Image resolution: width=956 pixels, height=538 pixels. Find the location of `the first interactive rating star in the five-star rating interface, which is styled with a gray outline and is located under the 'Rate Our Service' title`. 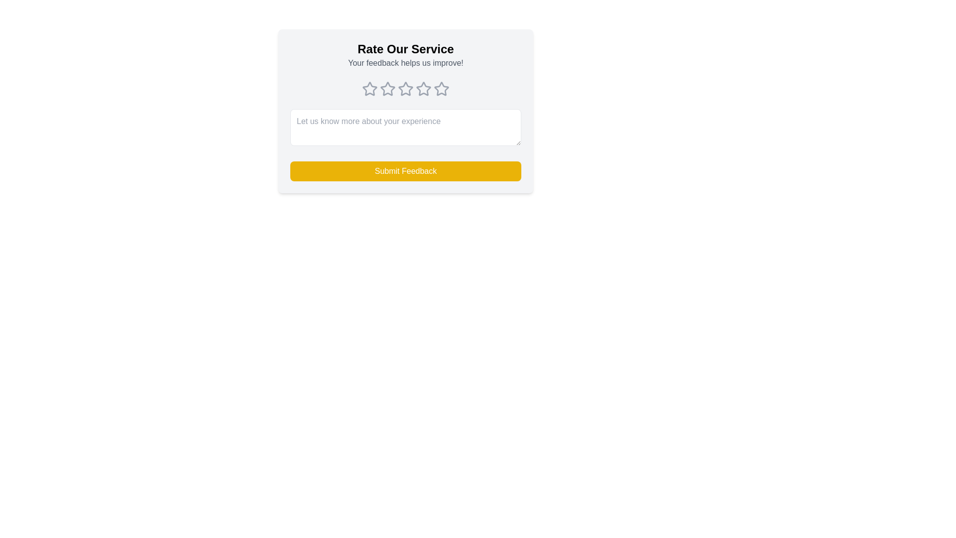

the first interactive rating star in the five-star rating interface, which is styled with a gray outline and is located under the 'Rate Our Service' title is located at coordinates (369, 88).